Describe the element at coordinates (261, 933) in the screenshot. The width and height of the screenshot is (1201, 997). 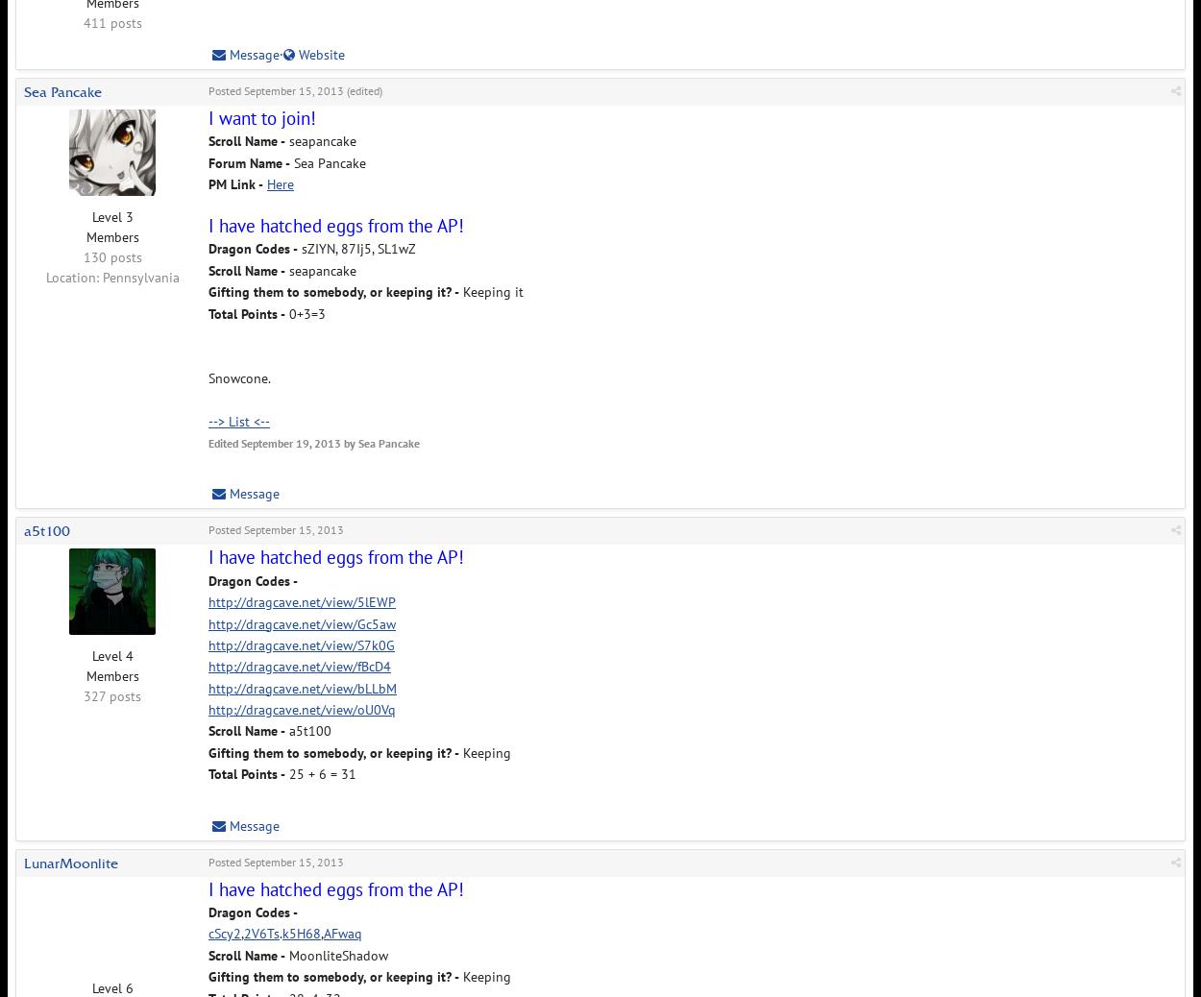
I see `'2V6Ts'` at that location.